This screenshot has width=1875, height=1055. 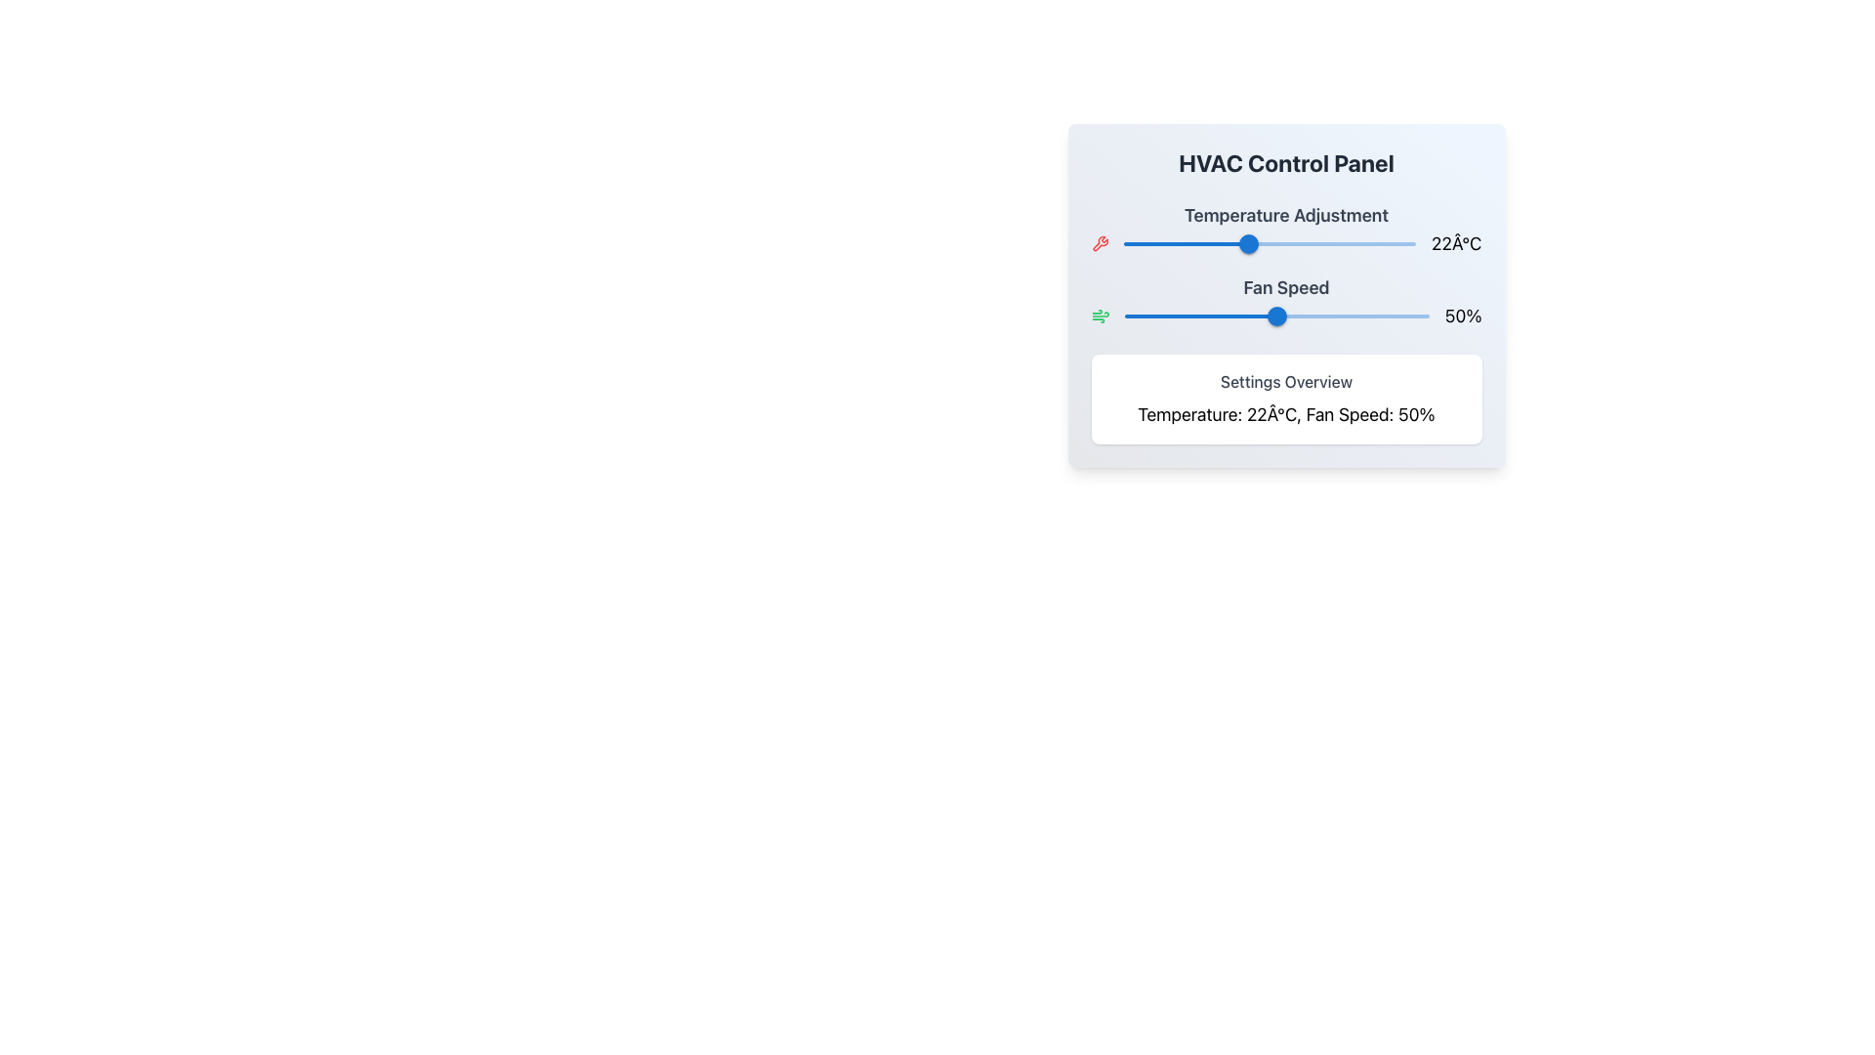 I want to click on the 'Settings Overview' text label, which is displayed in a medium gray font inside a white card with rounded corners, positioned at the top of the card above the text 'Temperature: 22Â°C, Fan Speed: 50%', so click(x=1286, y=381).